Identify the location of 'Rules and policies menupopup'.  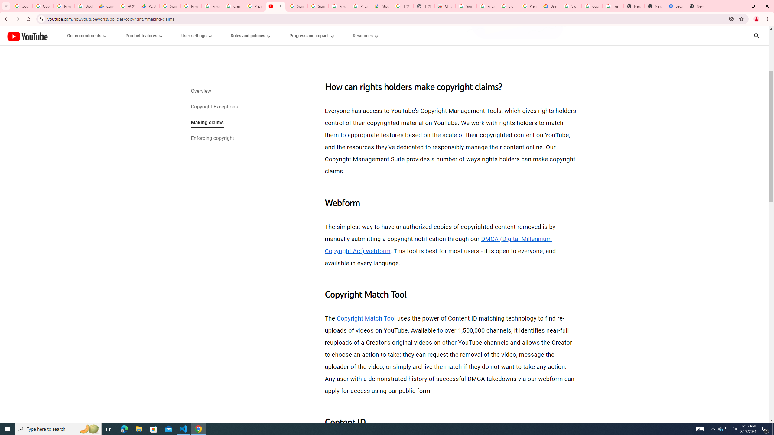
(250, 36).